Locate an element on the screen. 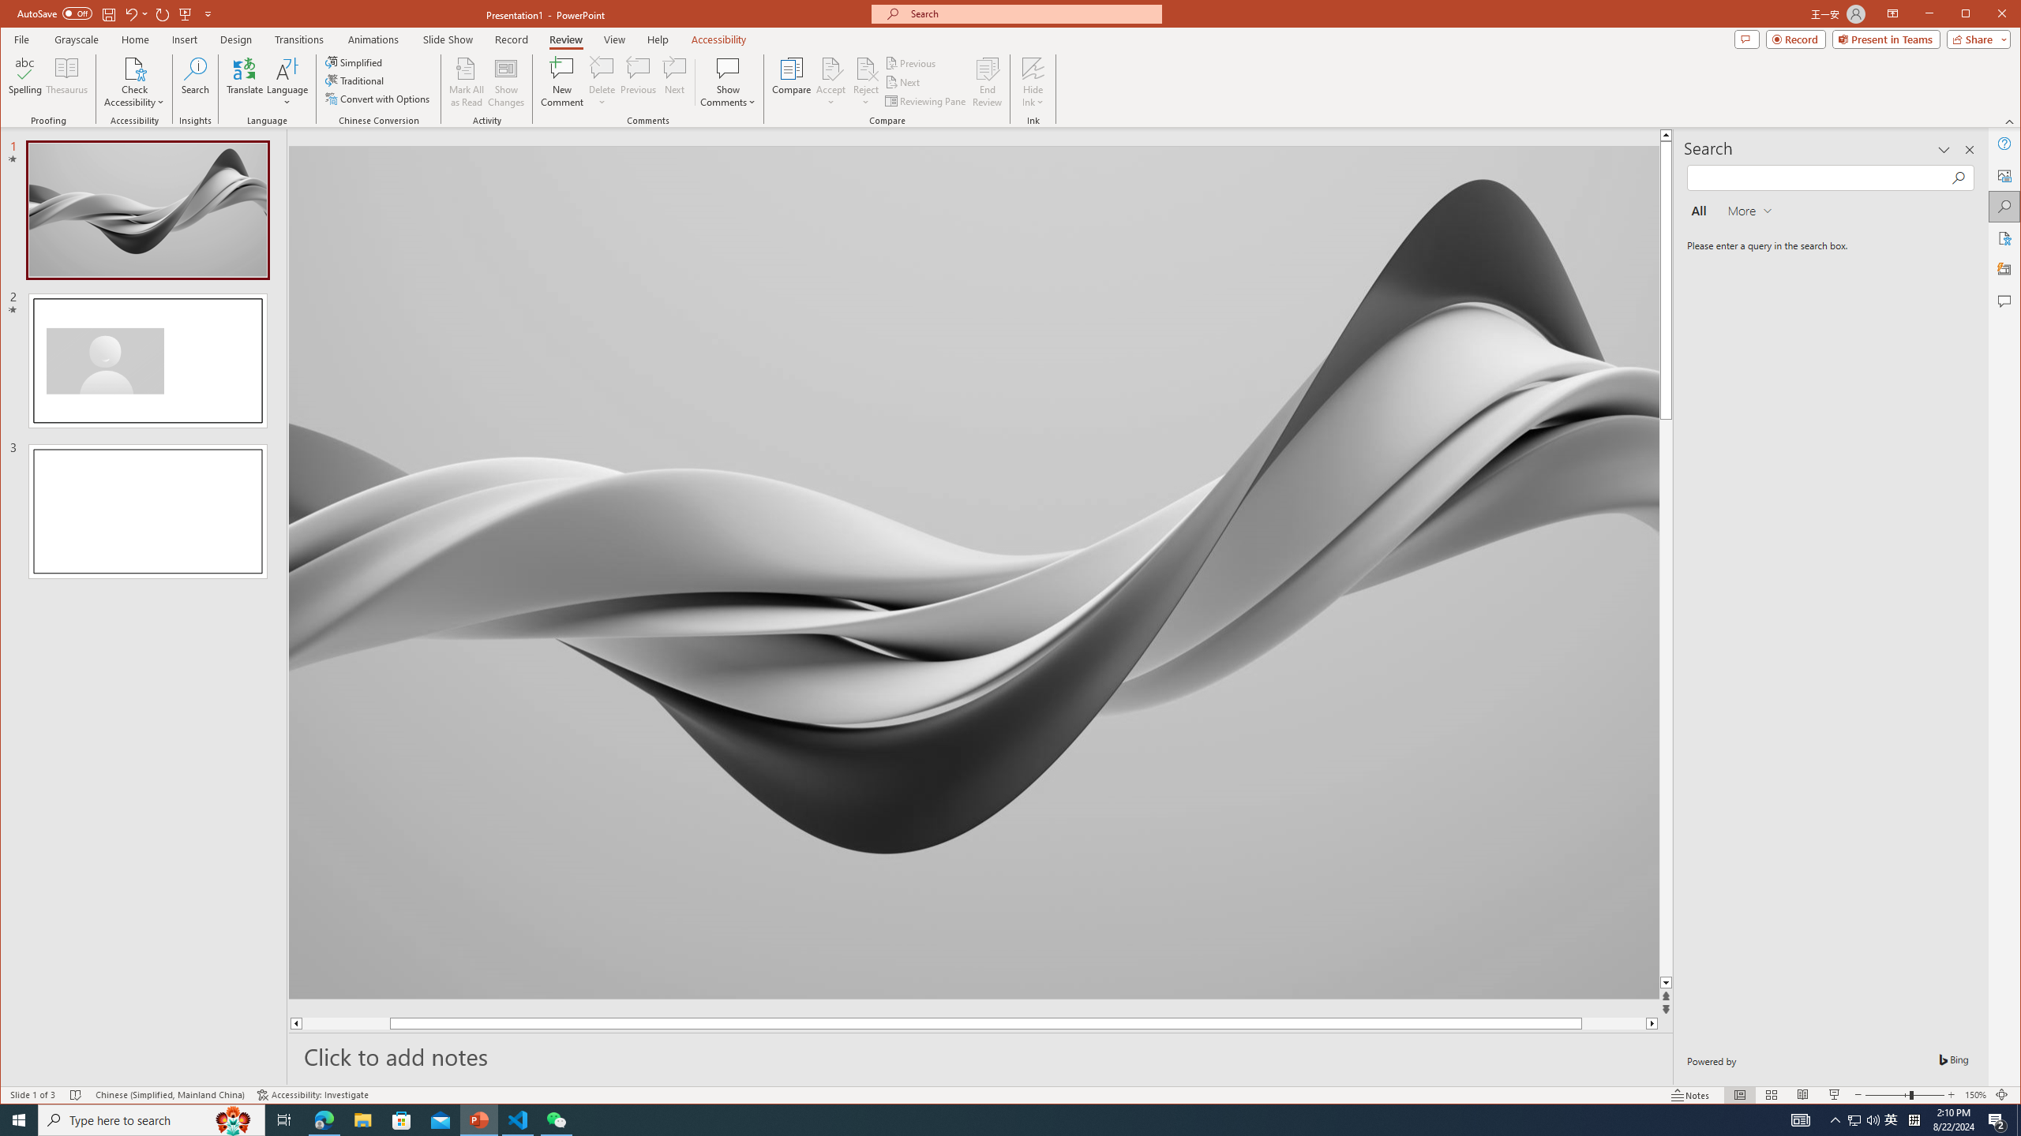  'Wavy 3D art' is located at coordinates (973, 571).